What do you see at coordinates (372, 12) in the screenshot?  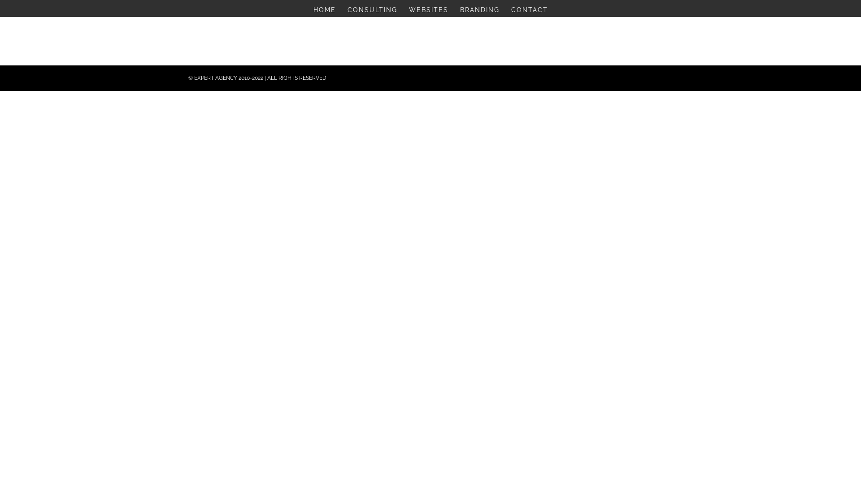 I see `'CONSULTING'` at bounding box center [372, 12].